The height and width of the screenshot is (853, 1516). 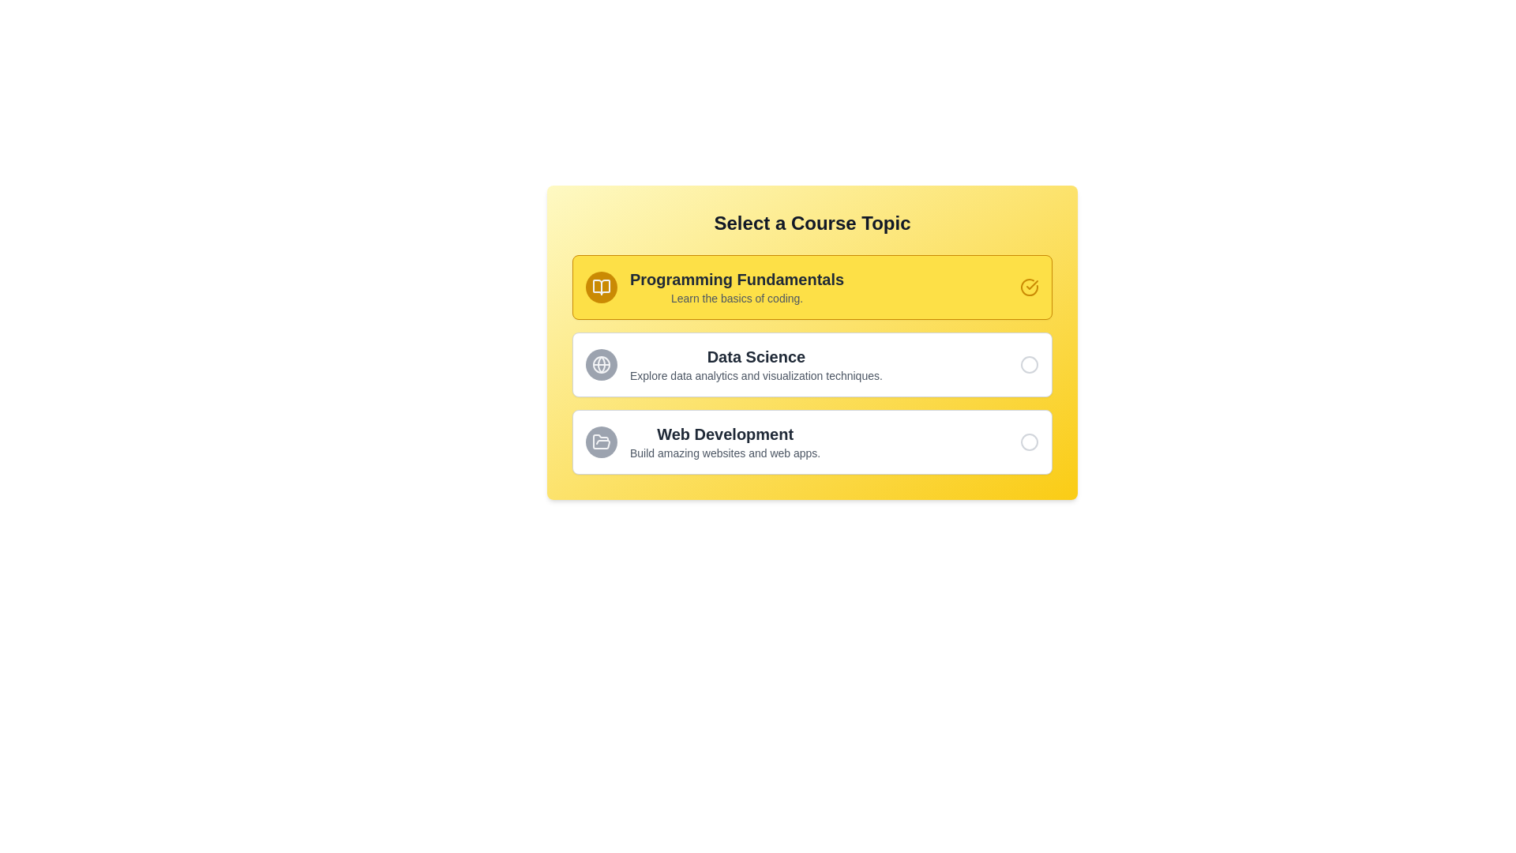 I want to click on the static text providing a brief description about the course 'Programming Fundamentals', located directly under the course header within the yellow-highlighted section, so click(x=736, y=299).